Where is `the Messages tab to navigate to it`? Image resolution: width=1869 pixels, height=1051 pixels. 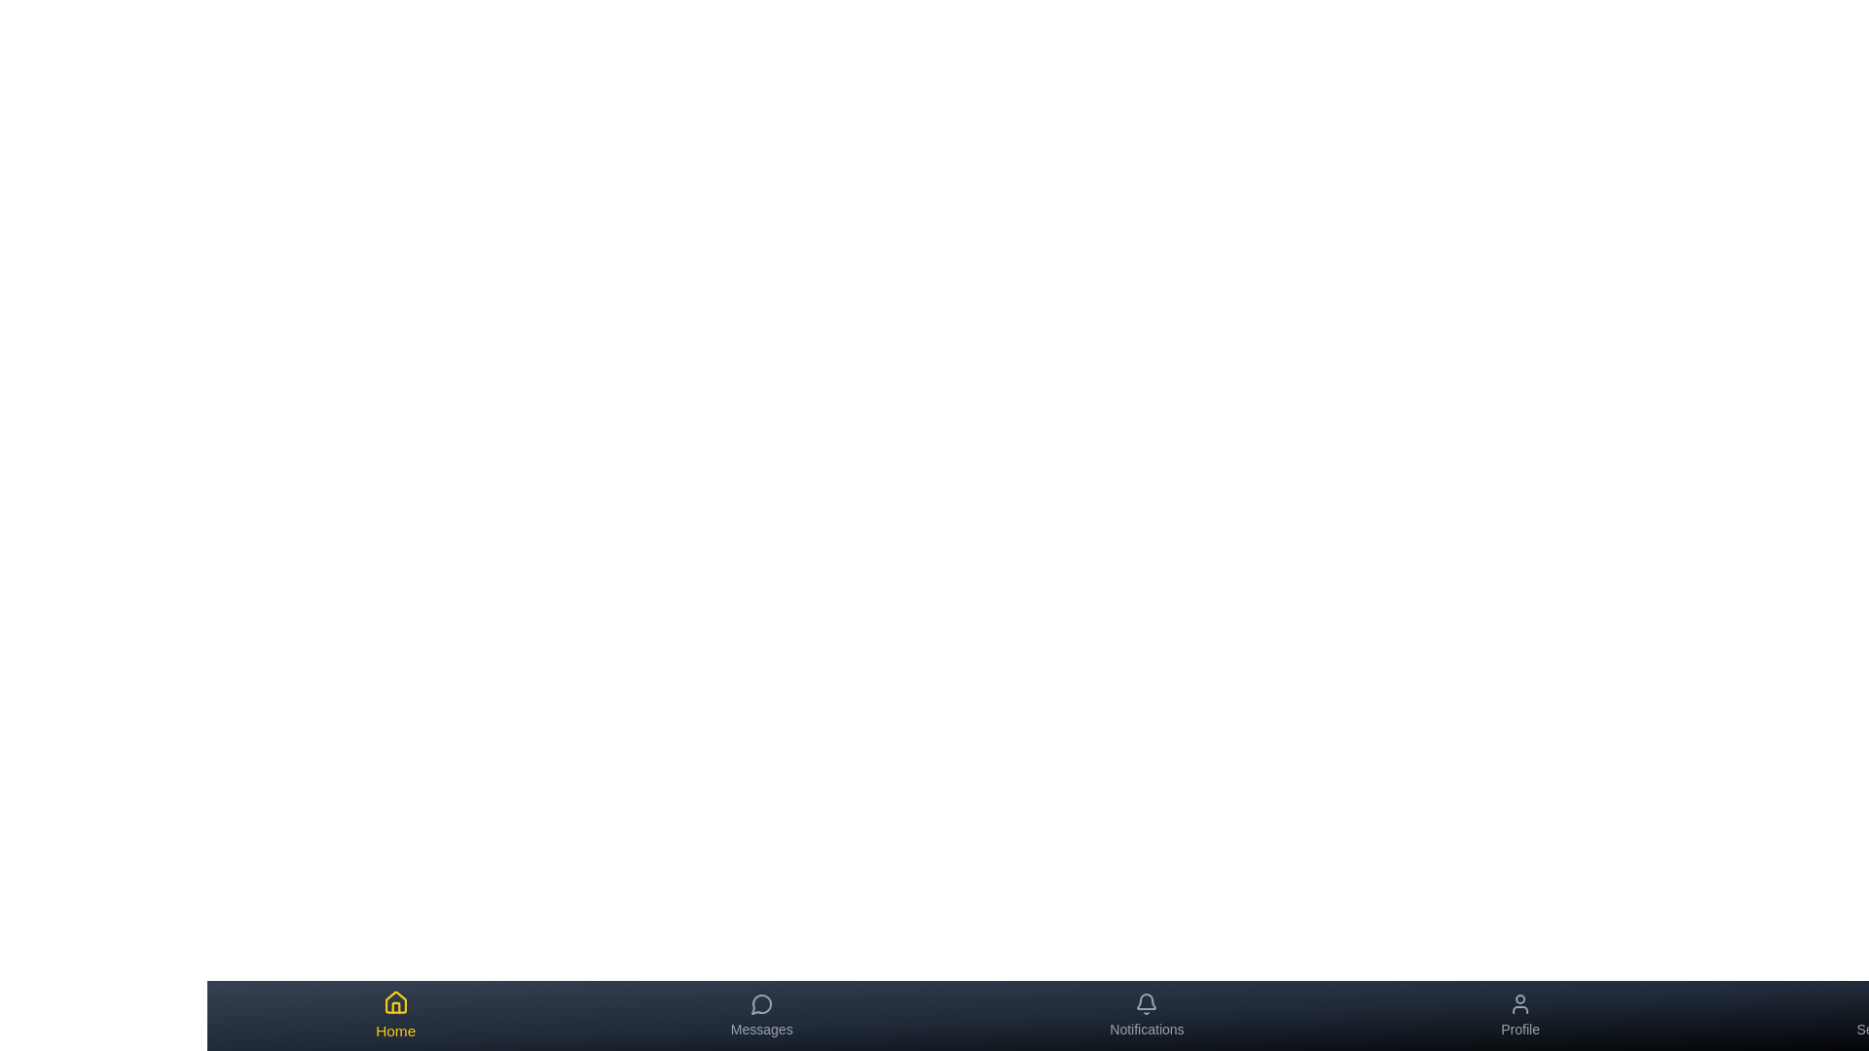
the Messages tab to navigate to it is located at coordinates (760, 1015).